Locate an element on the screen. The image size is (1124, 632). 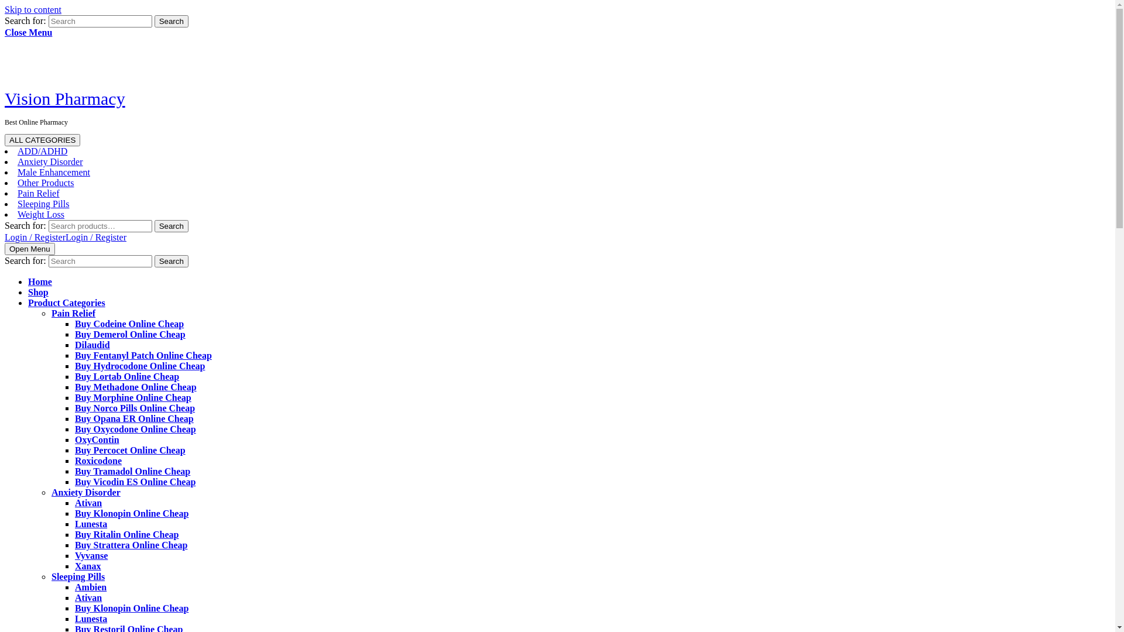
'Buy Hydrocodone Online Cheap' is located at coordinates (74, 365).